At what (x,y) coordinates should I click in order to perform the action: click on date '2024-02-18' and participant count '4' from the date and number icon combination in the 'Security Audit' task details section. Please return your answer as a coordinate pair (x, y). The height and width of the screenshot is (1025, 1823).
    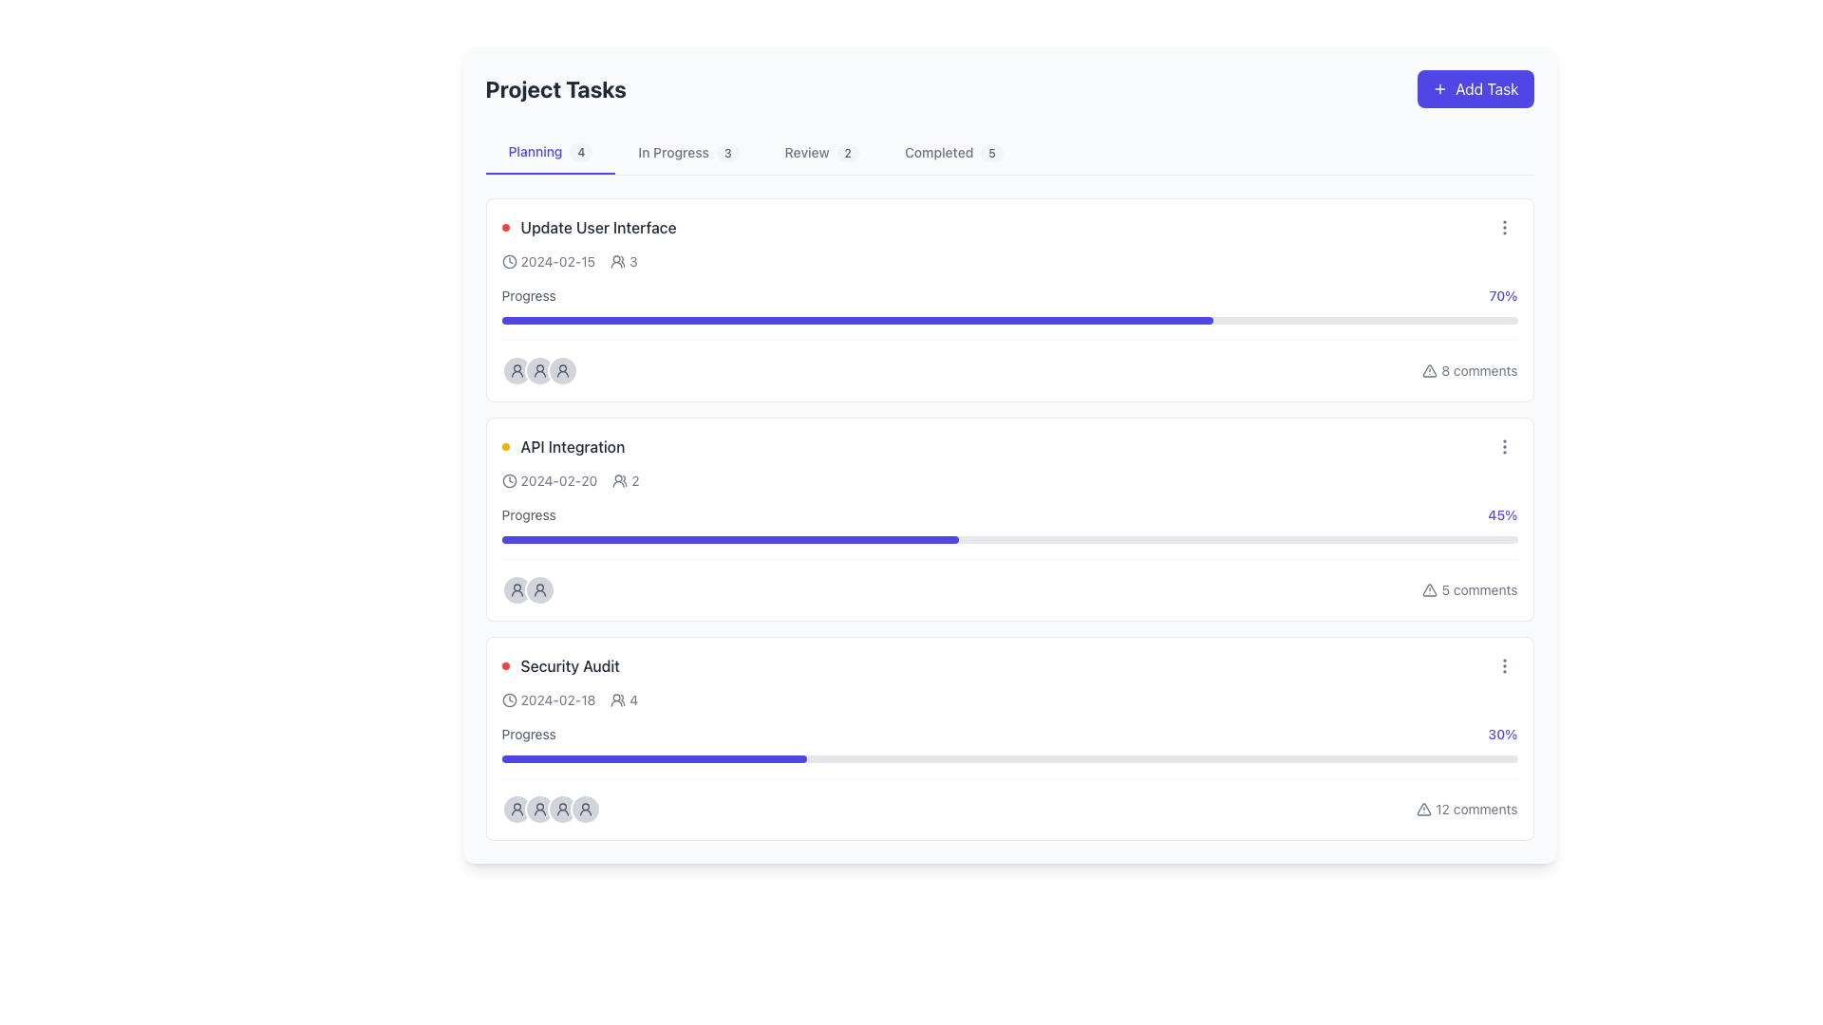
    Looking at the image, I should click on (569, 699).